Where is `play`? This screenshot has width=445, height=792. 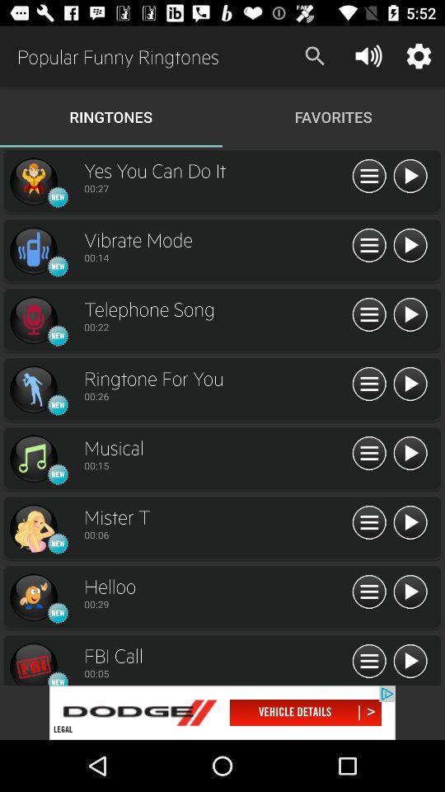
play is located at coordinates (409, 592).